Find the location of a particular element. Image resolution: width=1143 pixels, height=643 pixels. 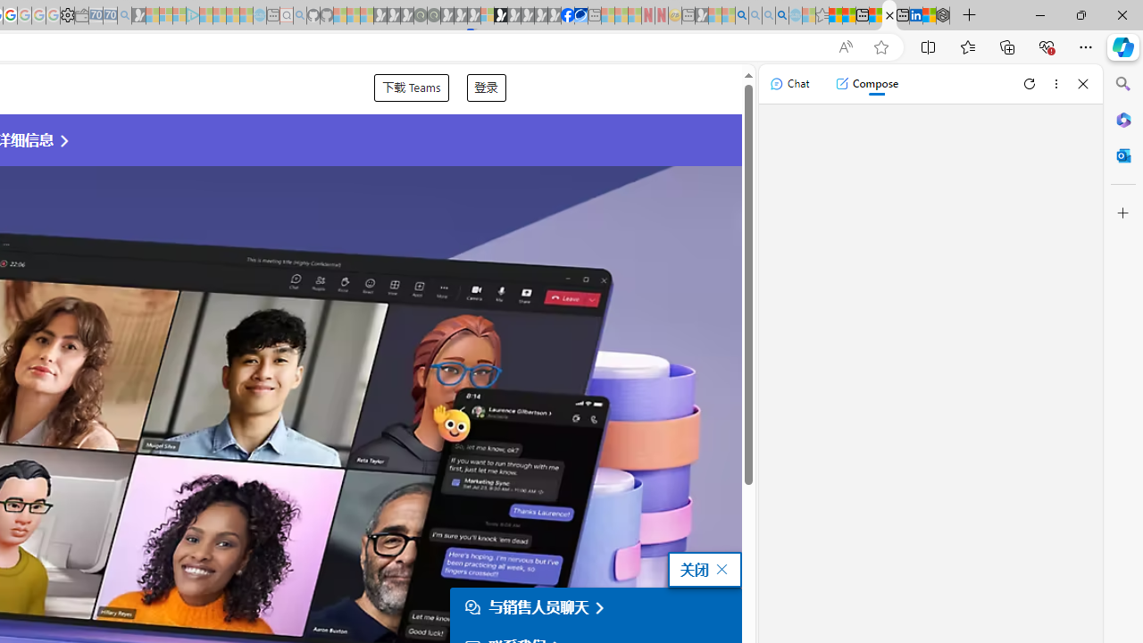

'Favorites - Sleeping' is located at coordinates (821, 15).